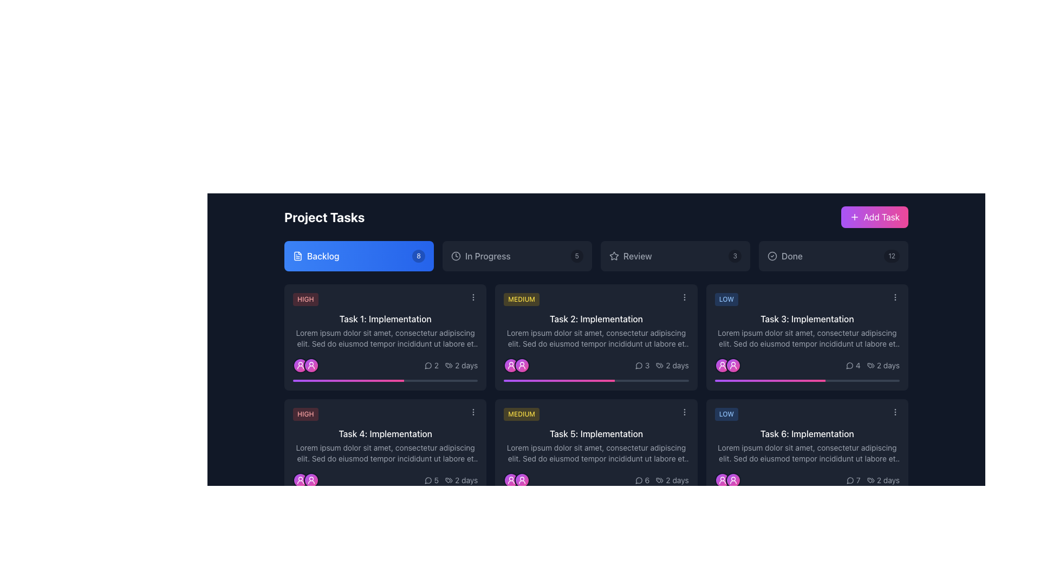 This screenshot has height=585, width=1040. What do you see at coordinates (807, 452) in the screenshot?
I see `to select the last card in the third column of the task grid, which displays task details including title, description, and priority level` at bounding box center [807, 452].